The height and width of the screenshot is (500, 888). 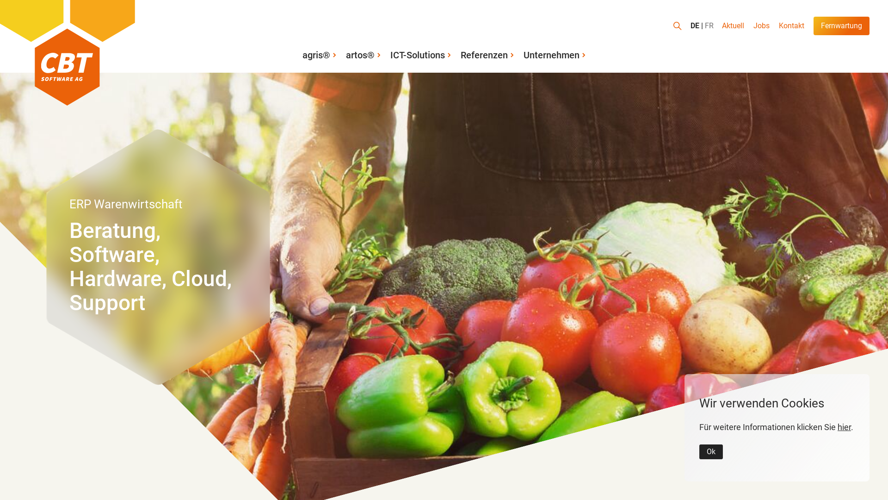 What do you see at coordinates (761, 25) in the screenshot?
I see `'Jobs'` at bounding box center [761, 25].